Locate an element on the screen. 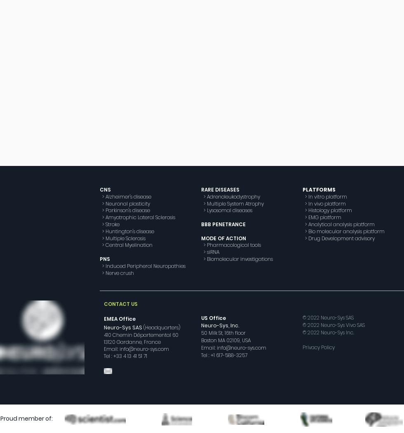 Image resolution: width=404 pixels, height=433 pixels. '© 2022 Neuro-Sys Inc.' is located at coordinates (328, 332).